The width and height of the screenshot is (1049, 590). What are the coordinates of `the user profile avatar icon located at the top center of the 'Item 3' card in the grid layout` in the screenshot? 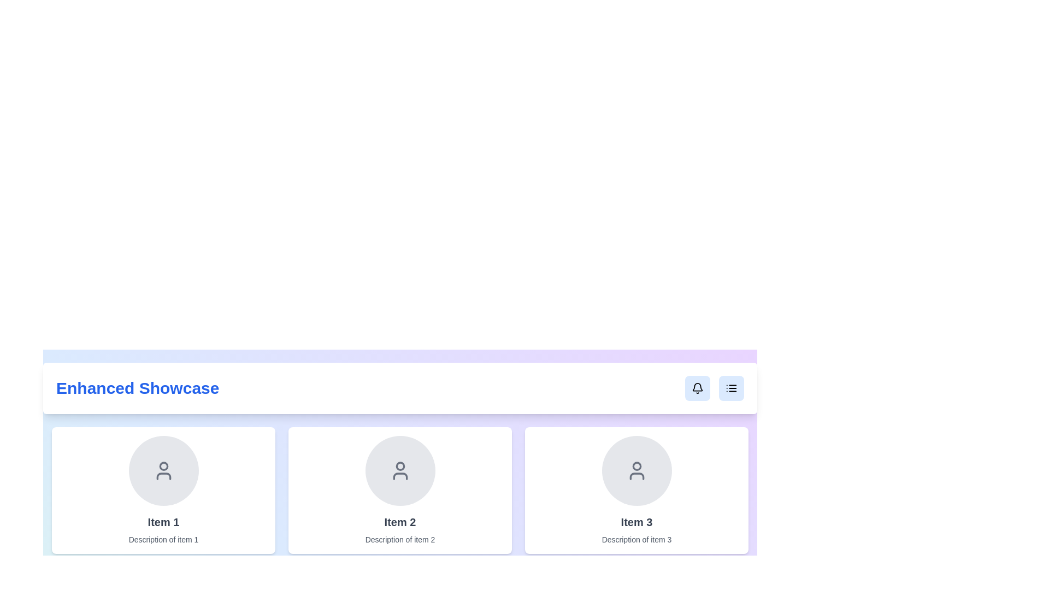 It's located at (637, 470).